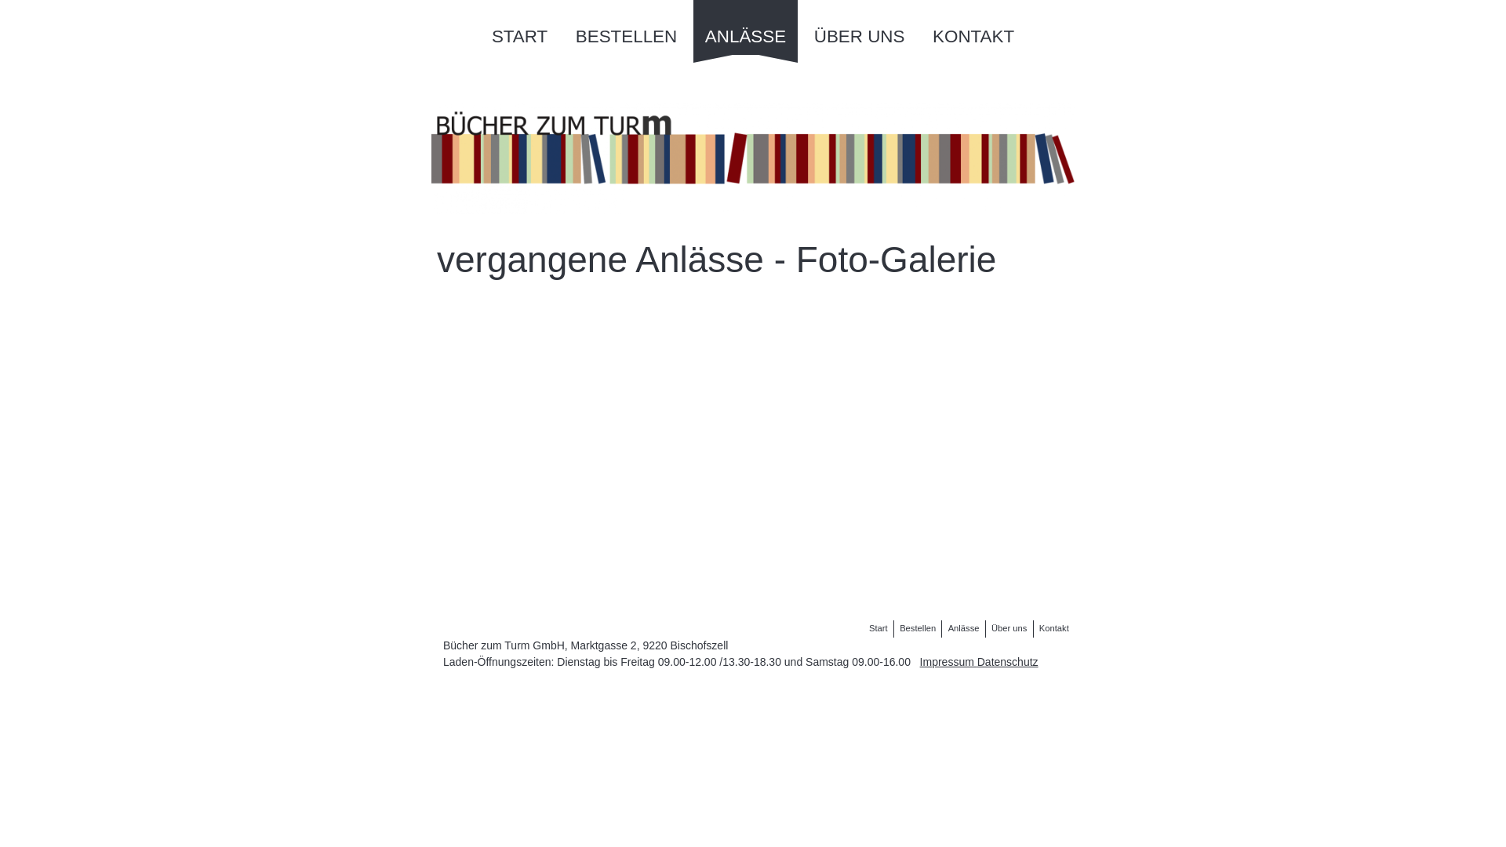 The width and height of the screenshot is (1506, 847). What do you see at coordinates (1035, 627) in the screenshot?
I see `'Kontakt'` at bounding box center [1035, 627].